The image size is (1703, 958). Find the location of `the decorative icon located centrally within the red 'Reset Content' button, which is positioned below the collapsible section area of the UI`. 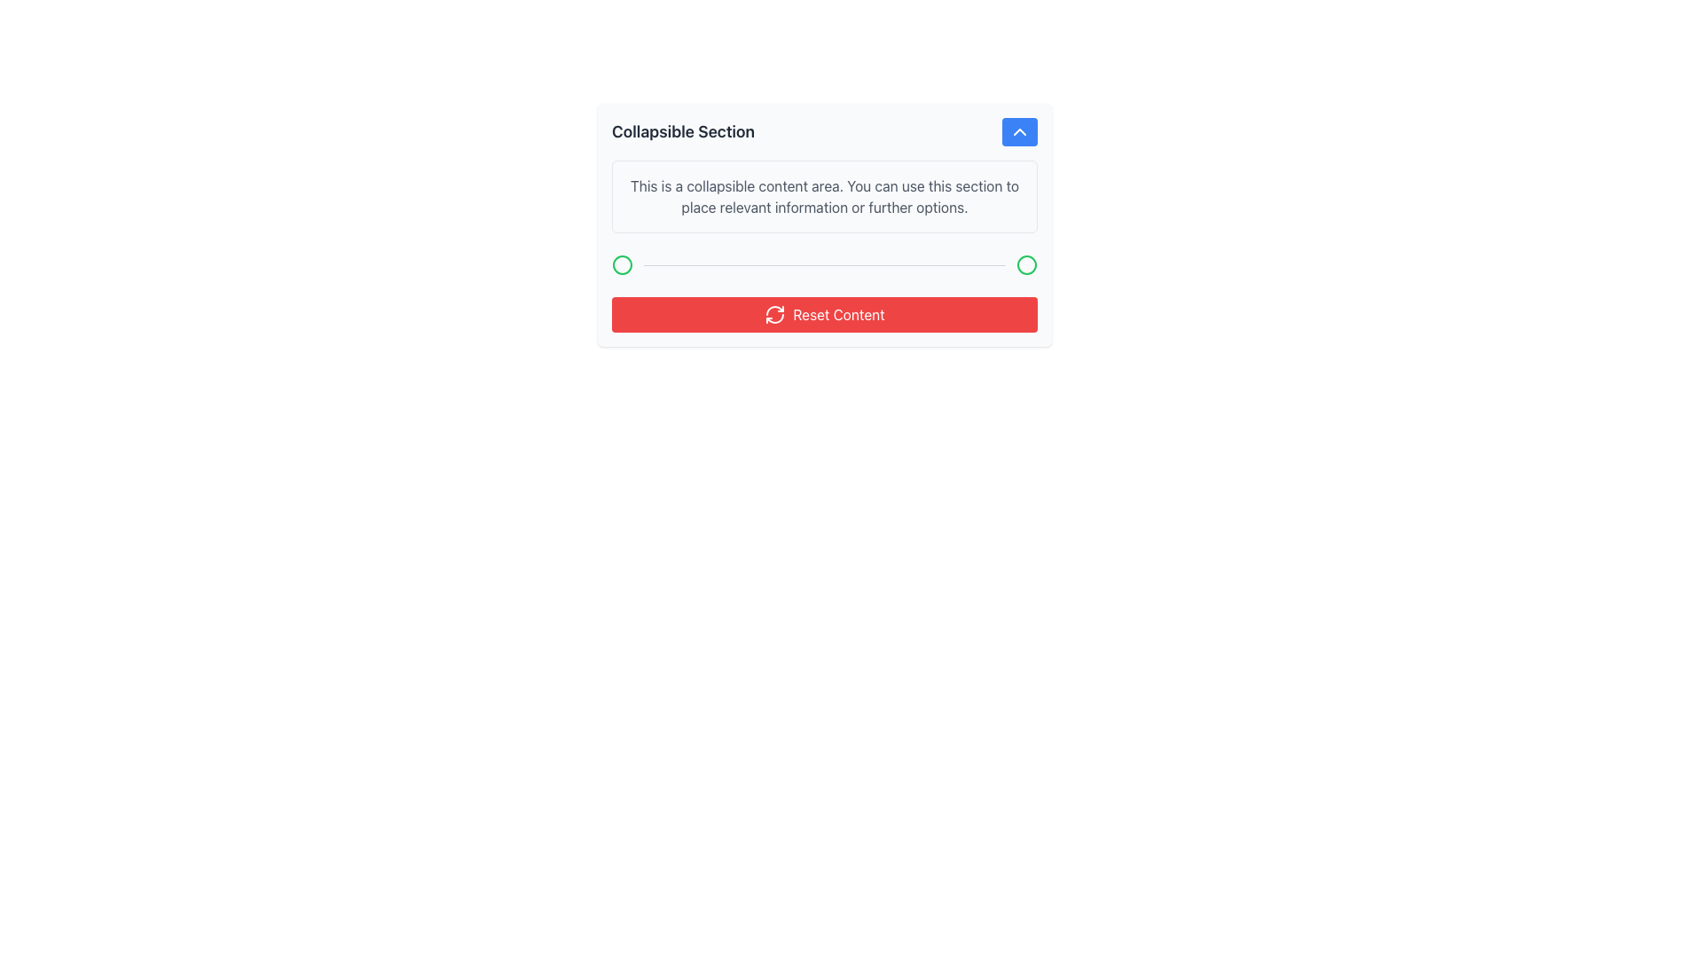

the decorative icon located centrally within the red 'Reset Content' button, which is positioned below the collapsible section area of the UI is located at coordinates (775, 313).